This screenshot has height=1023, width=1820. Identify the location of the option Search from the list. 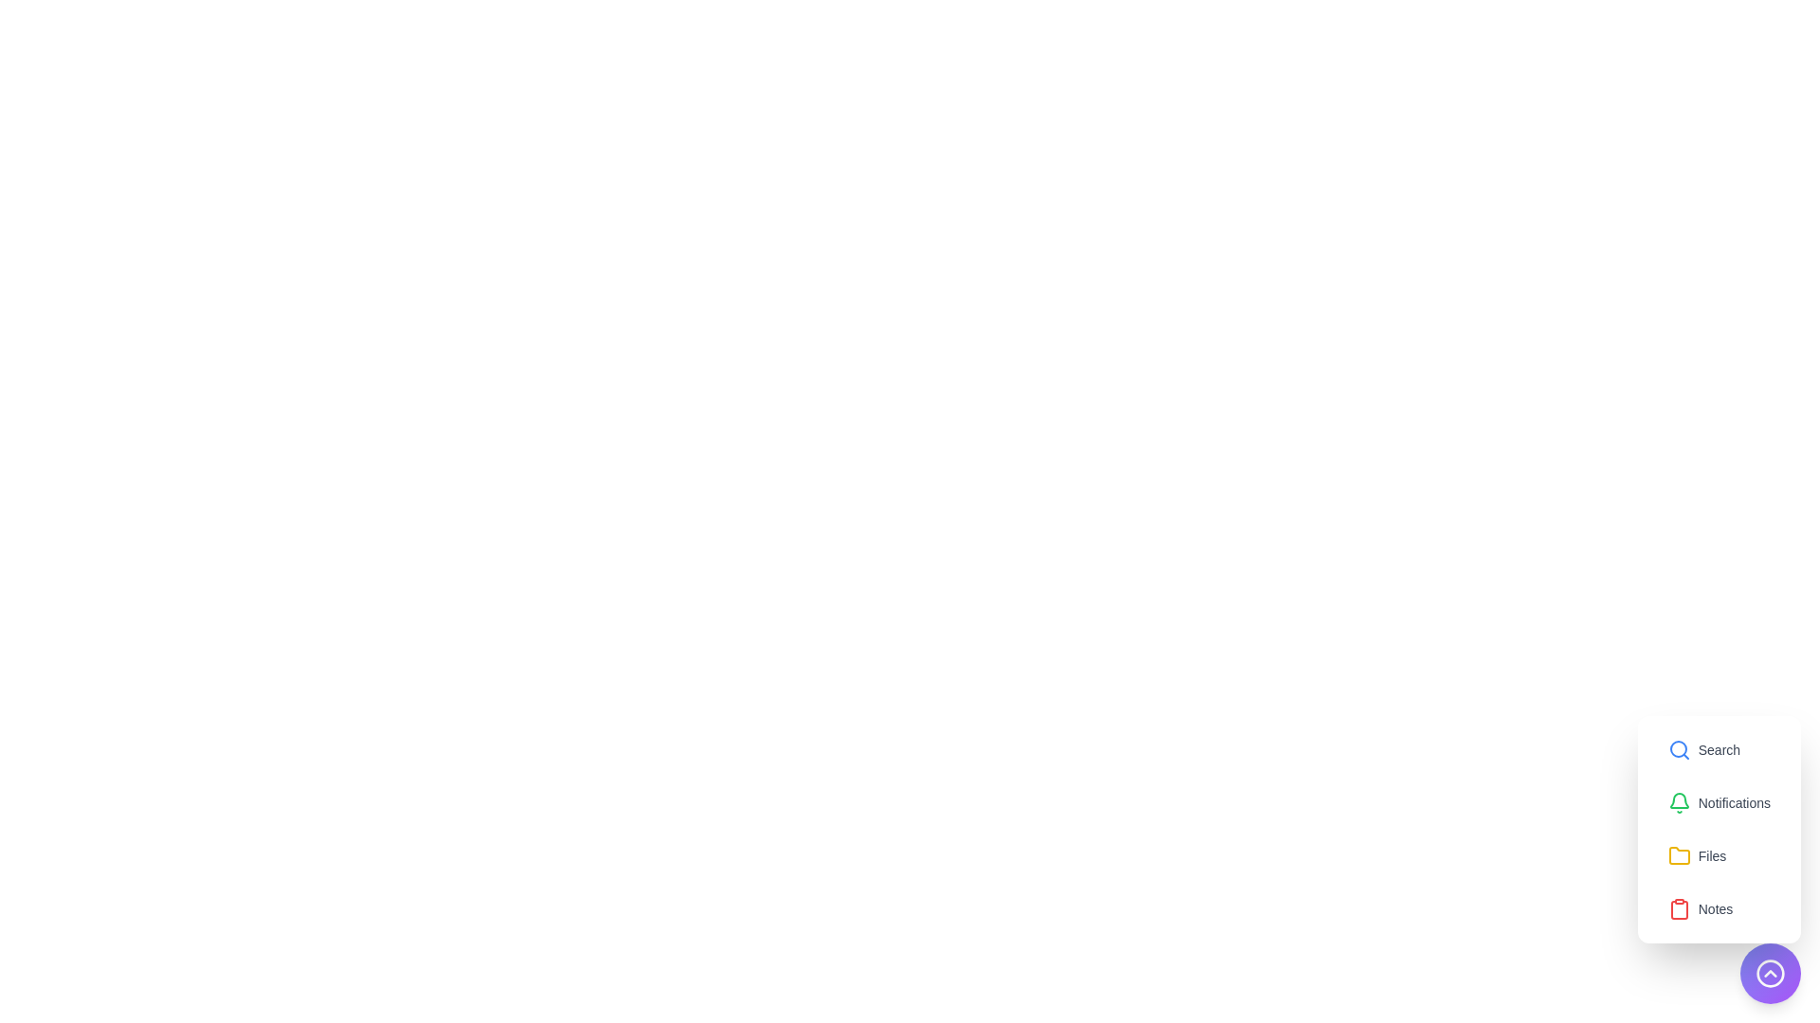
(1703, 748).